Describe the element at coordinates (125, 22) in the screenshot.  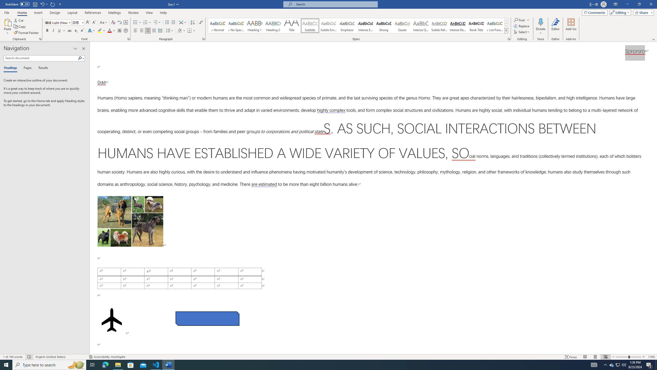
I see `'Character Border'` at that location.